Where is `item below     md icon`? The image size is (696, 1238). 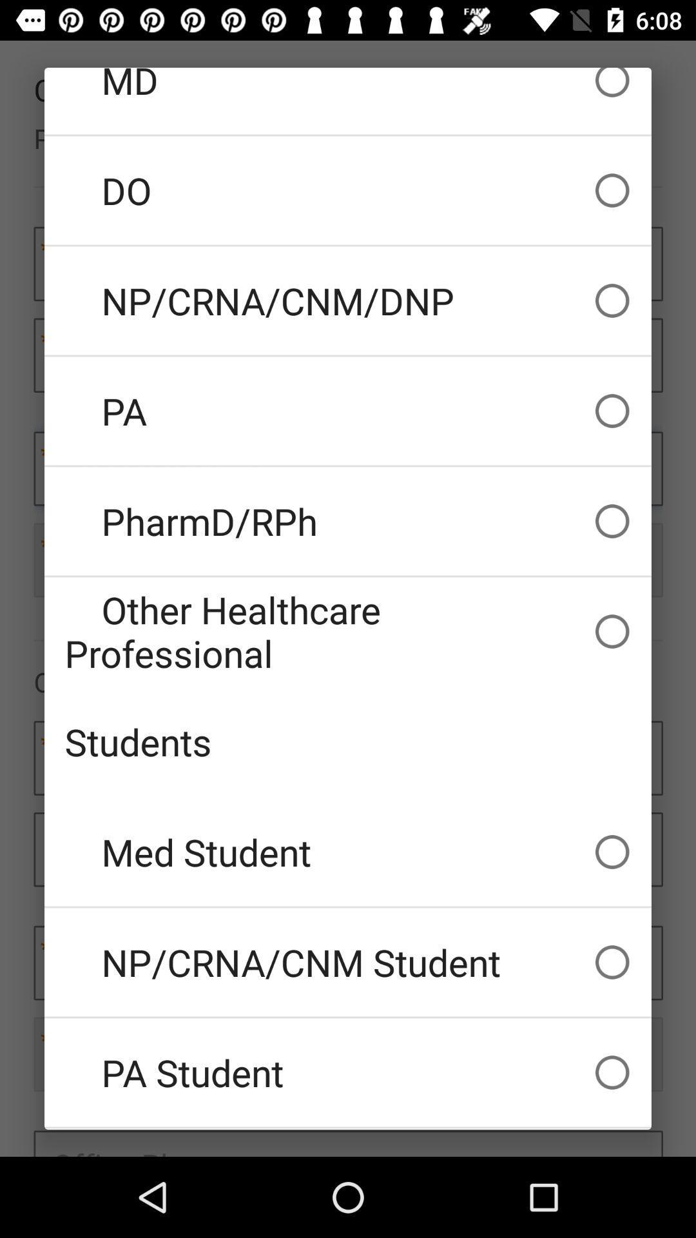
item below     md icon is located at coordinates (348, 190).